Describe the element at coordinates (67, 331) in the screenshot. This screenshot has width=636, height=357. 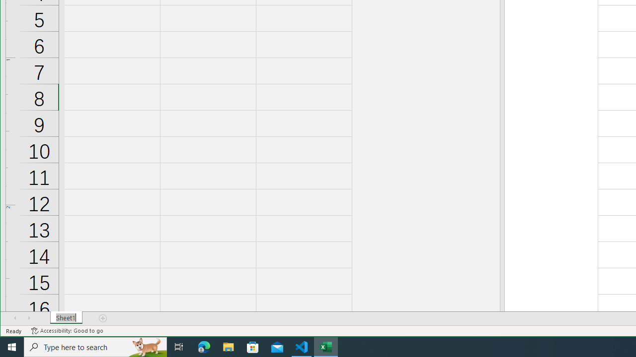
I see `'Accessibility Checker Accessibility: Good to go'` at that location.